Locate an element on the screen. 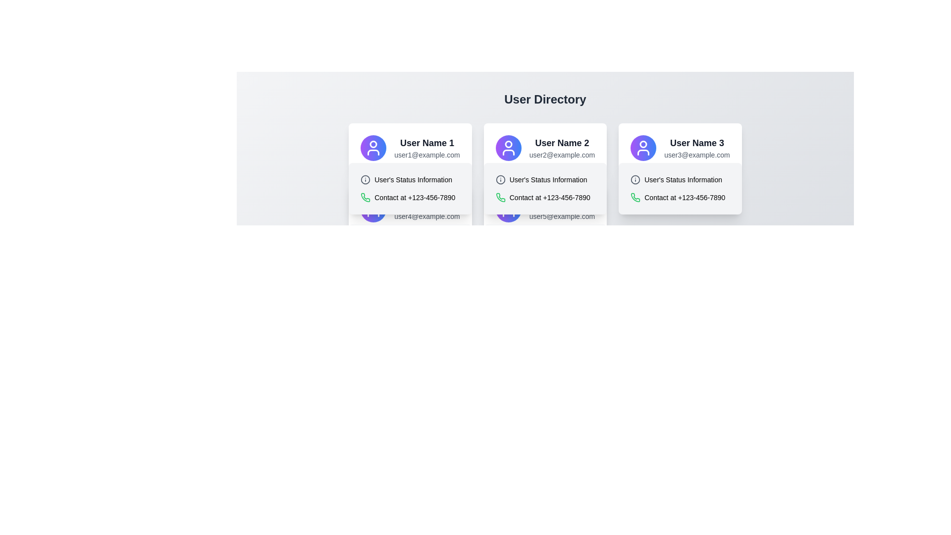 This screenshot has height=535, width=951. the user's profile picture SVG icon located at the top left card among three horizontally displayed cards, centered horizontally in the top section of the card is located at coordinates (373, 148).